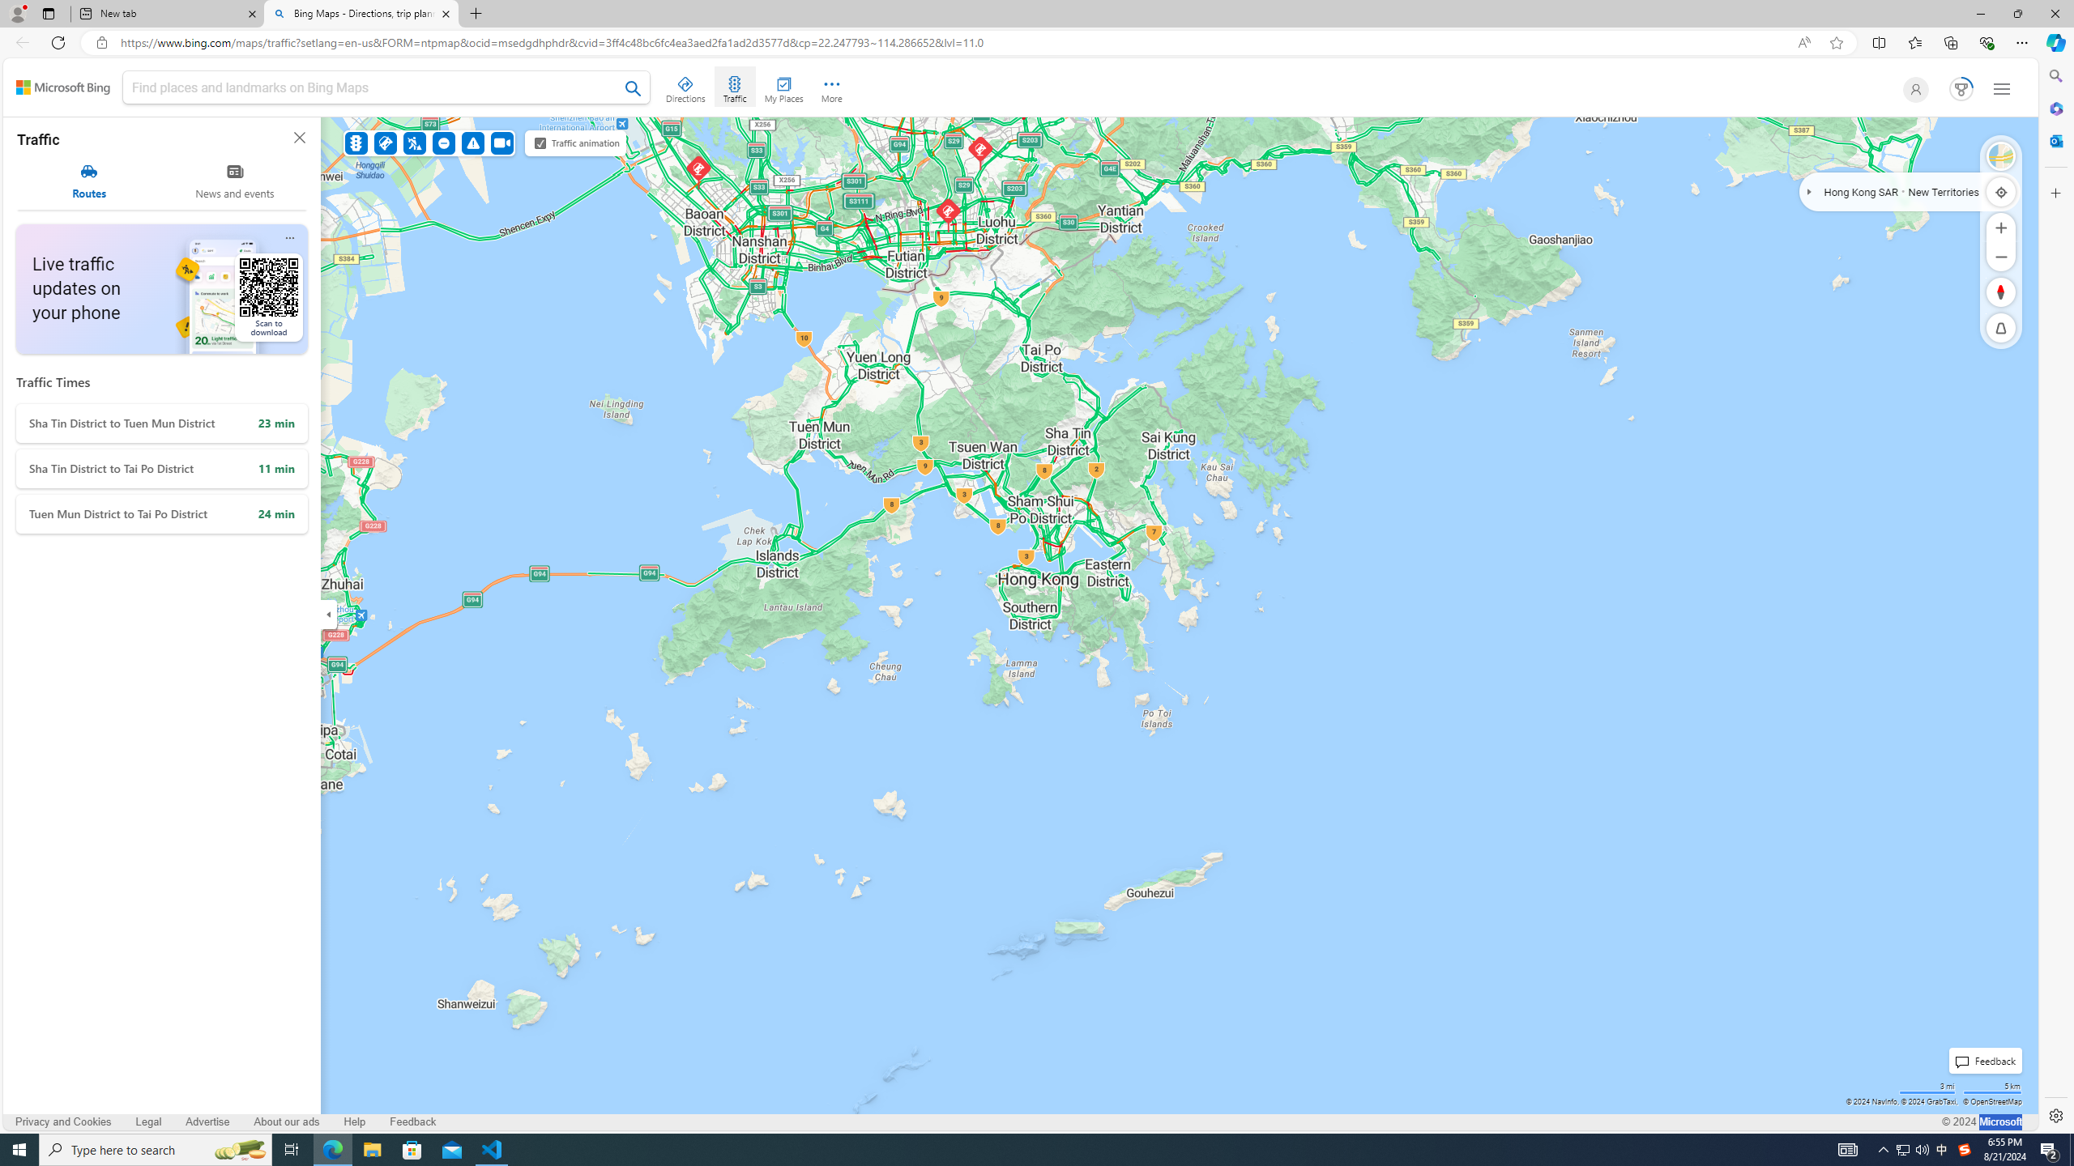  What do you see at coordinates (161, 514) in the screenshot?
I see `'Tuen Mun District to Tai Po District'` at bounding box center [161, 514].